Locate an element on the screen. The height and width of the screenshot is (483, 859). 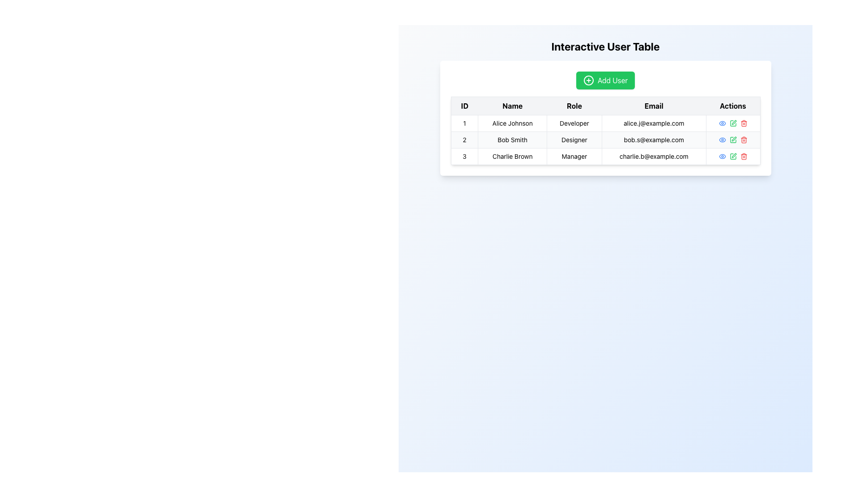
the 'Role' text label in the header row of the table, which is the third column header between 'Name' and 'Email' is located at coordinates (574, 105).